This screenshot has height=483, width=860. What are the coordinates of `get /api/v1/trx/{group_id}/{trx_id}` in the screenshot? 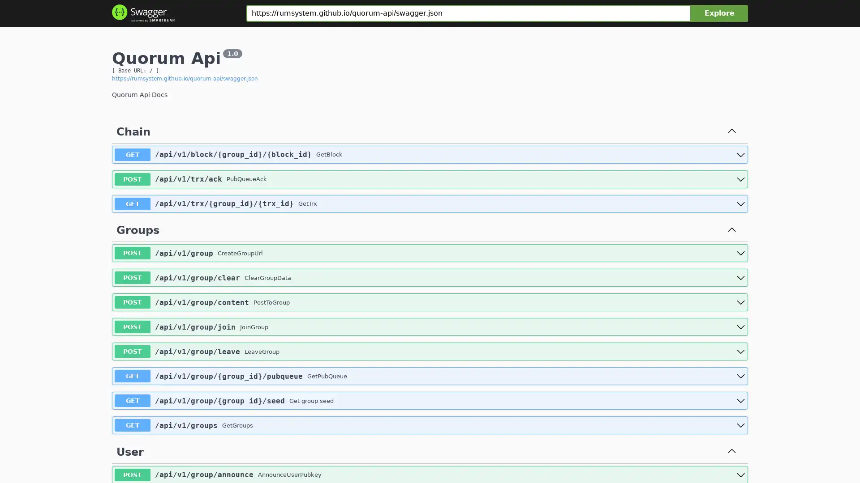 It's located at (430, 203).